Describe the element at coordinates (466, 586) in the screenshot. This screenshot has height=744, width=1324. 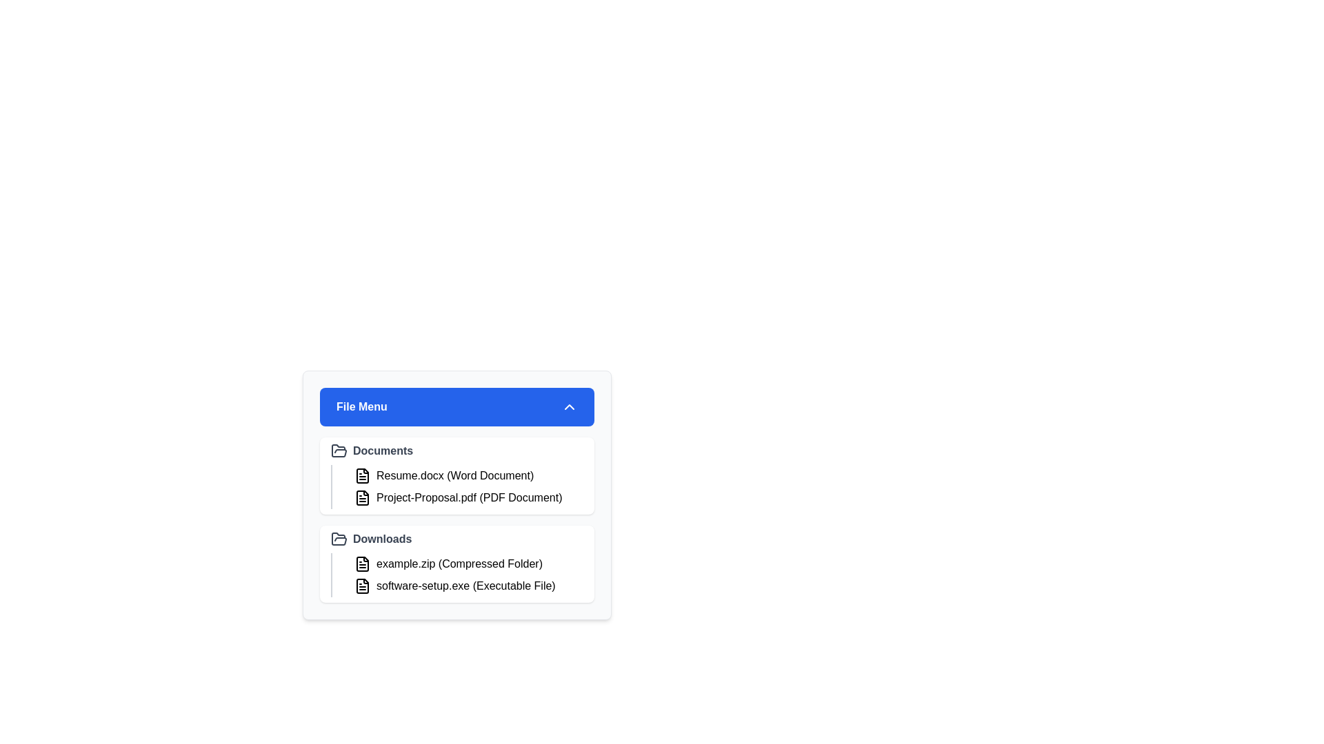
I see `the file software-setup.exe to highlight it` at that location.